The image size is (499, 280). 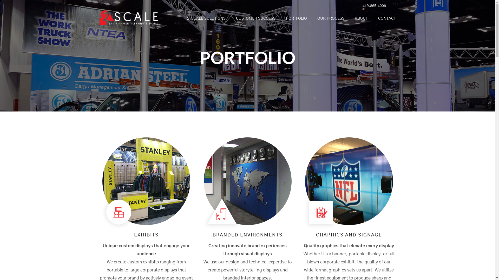 I want to click on '419.865.4006', so click(x=373, y=6).